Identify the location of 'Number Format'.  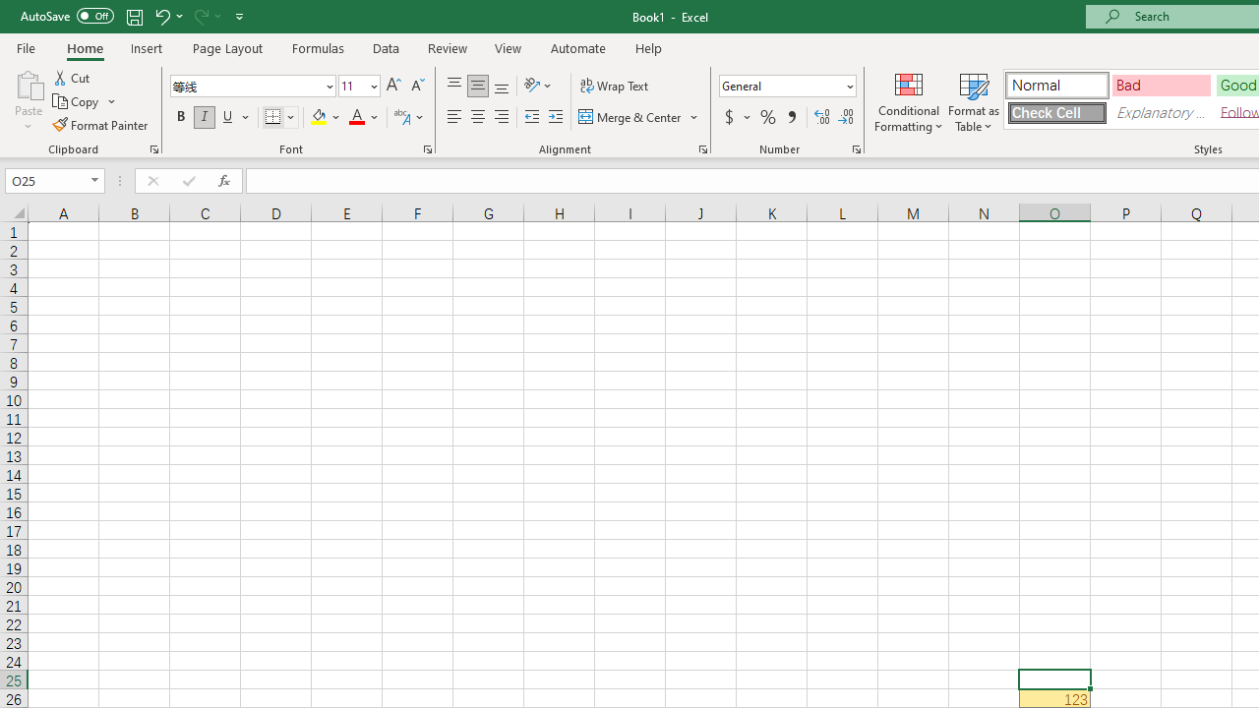
(787, 85).